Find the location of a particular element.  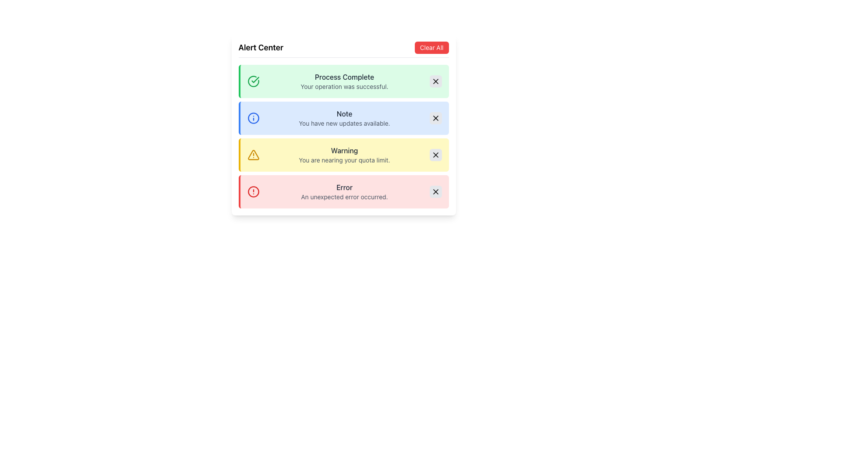

the success message text label indicating that a process has been successfully completed, which is located within the green-themed alert box under 'Alert Center' is located at coordinates (344, 77).